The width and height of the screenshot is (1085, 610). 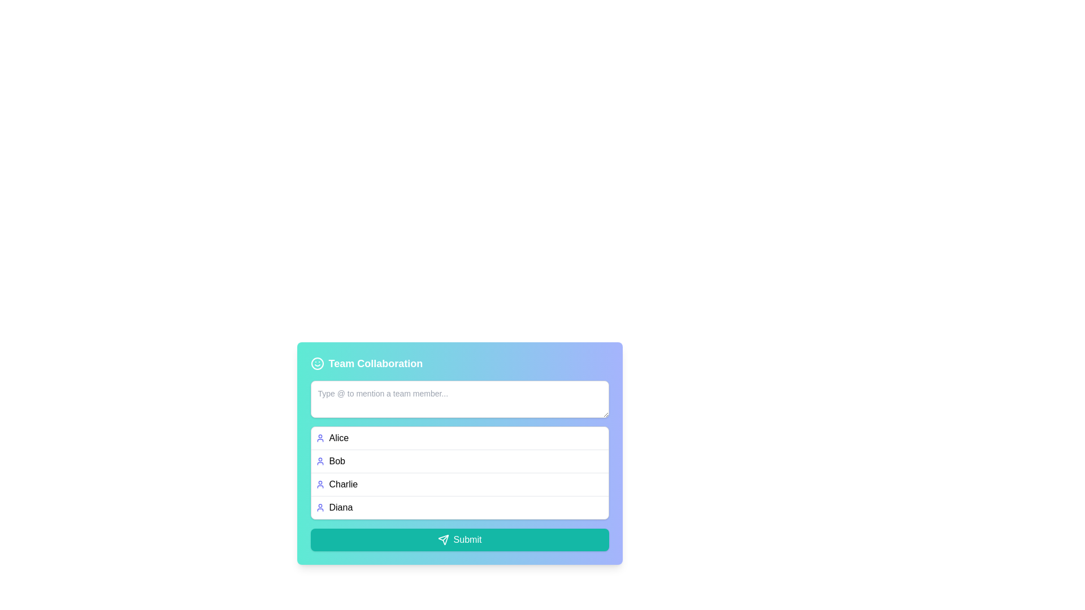 What do you see at coordinates (316, 364) in the screenshot?
I see `the central circular feature of the smiley face icon located on the left side of the header titled 'Team Collaboration'` at bounding box center [316, 364].